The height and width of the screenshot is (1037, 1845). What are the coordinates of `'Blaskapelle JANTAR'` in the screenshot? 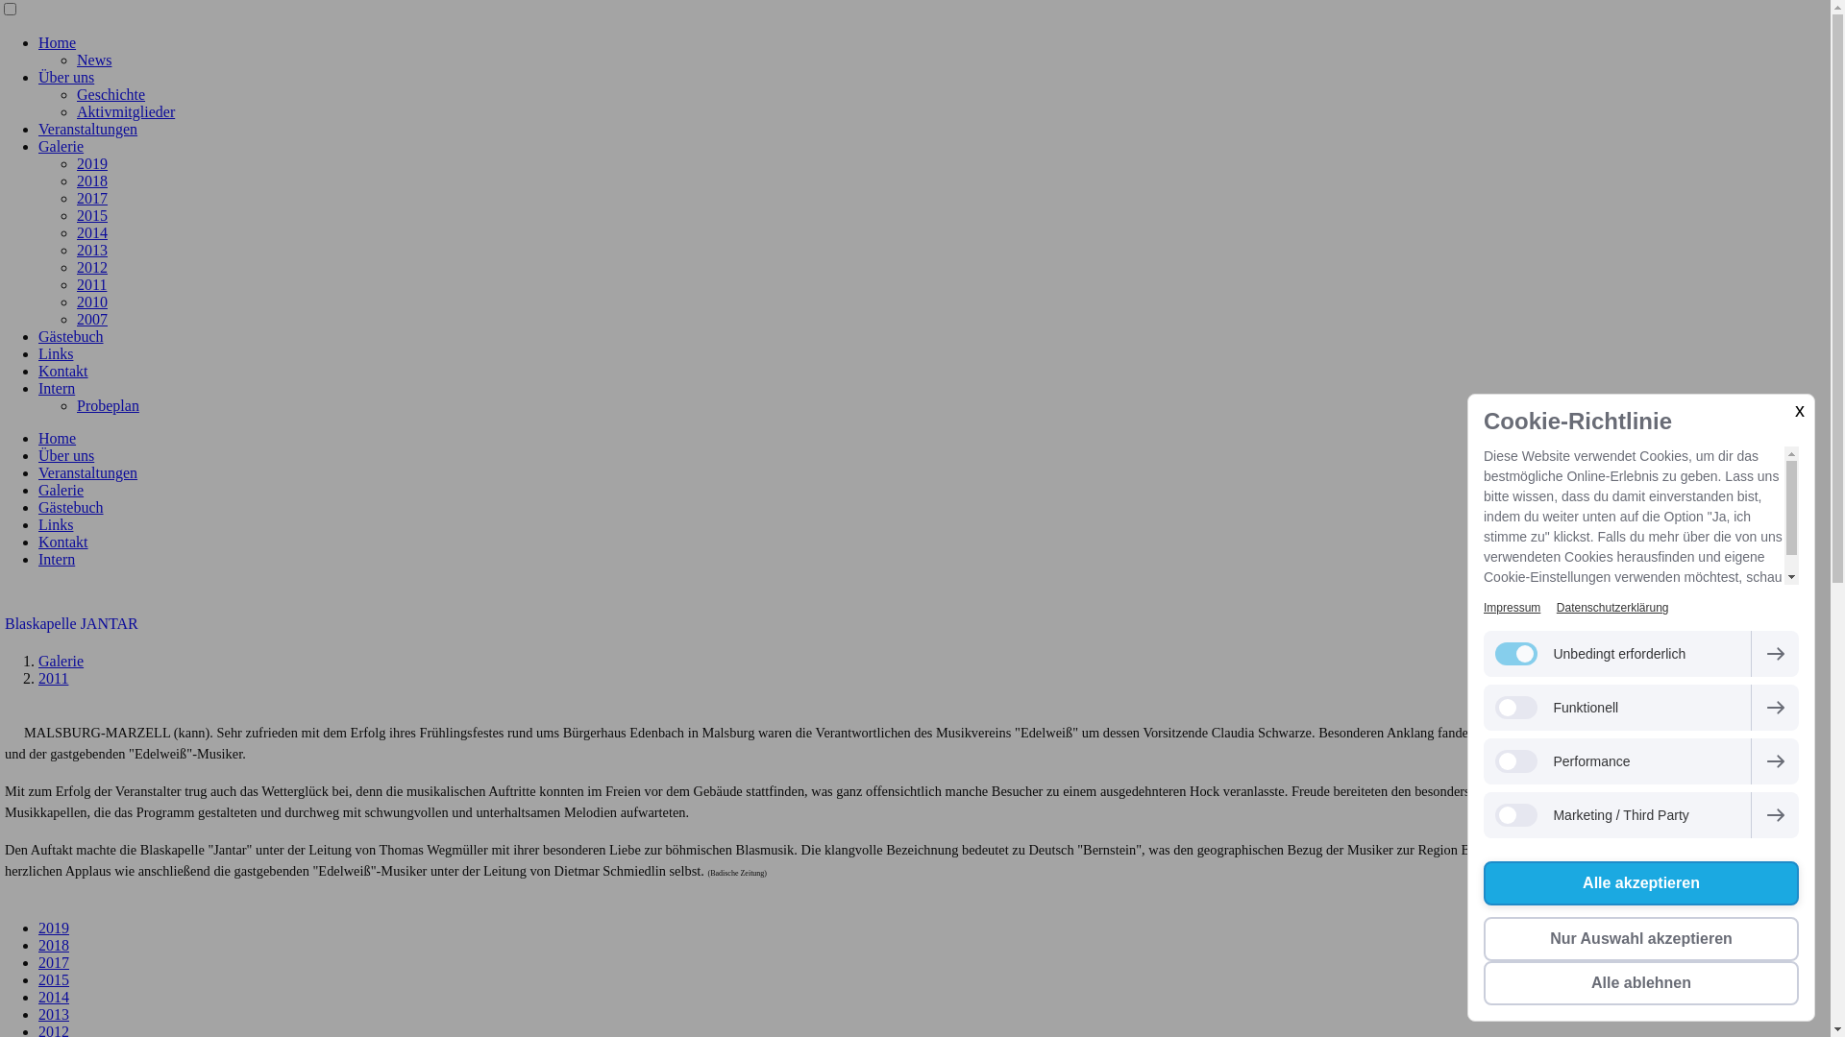 It's located at (914, 624).